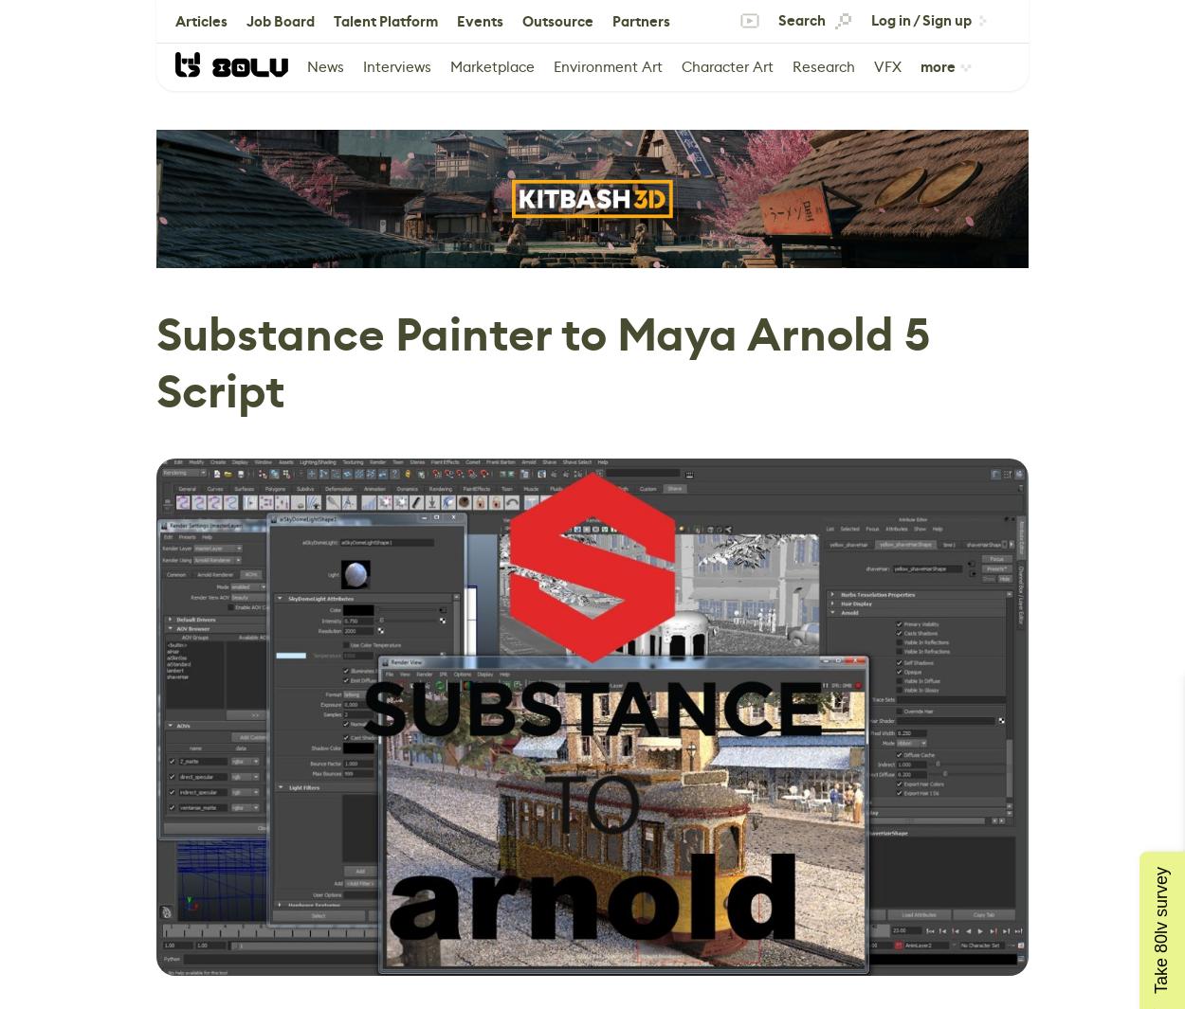  Describe the element at coordinates (777, 20) in the screenshot. I see `'Search'` at that location.